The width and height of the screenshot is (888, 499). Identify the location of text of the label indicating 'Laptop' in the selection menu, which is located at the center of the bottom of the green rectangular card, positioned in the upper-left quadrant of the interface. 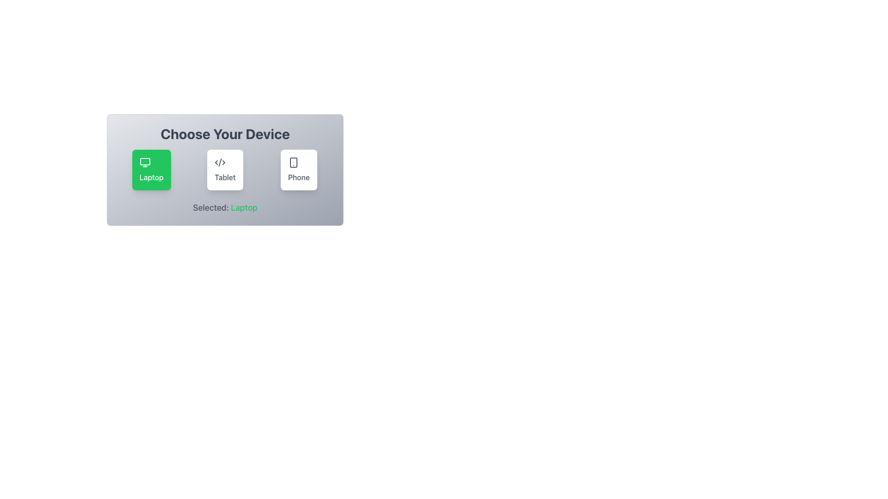
(151, 177).